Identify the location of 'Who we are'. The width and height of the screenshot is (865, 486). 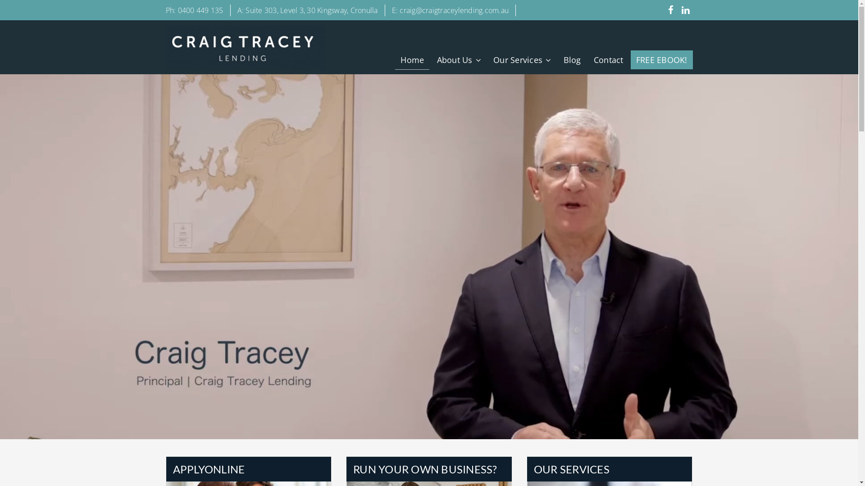
(430, 79).